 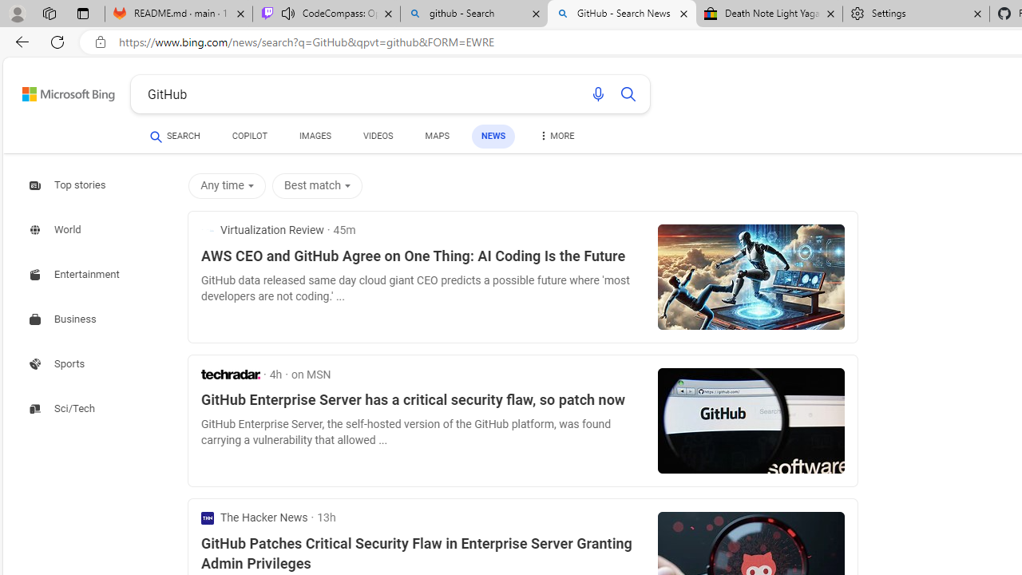 I want to click on 'NEWS', so click(x=493, y=136).